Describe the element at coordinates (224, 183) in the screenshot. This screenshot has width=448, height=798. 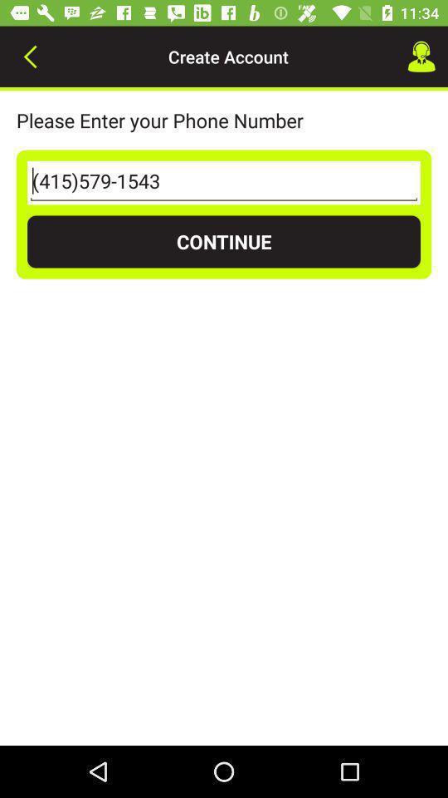
I see `item below the please enter your` at that location.